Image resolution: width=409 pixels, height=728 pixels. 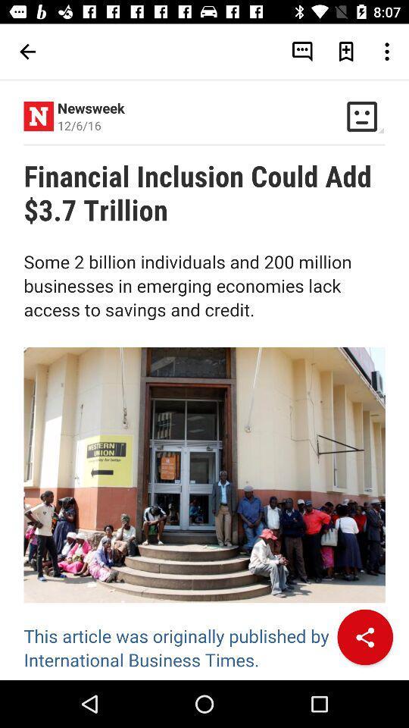 What do you see at coordinates (302, 52) in the screenshot?
I see `the icon right to left arrow at top right` at bounding box center [302, 52].